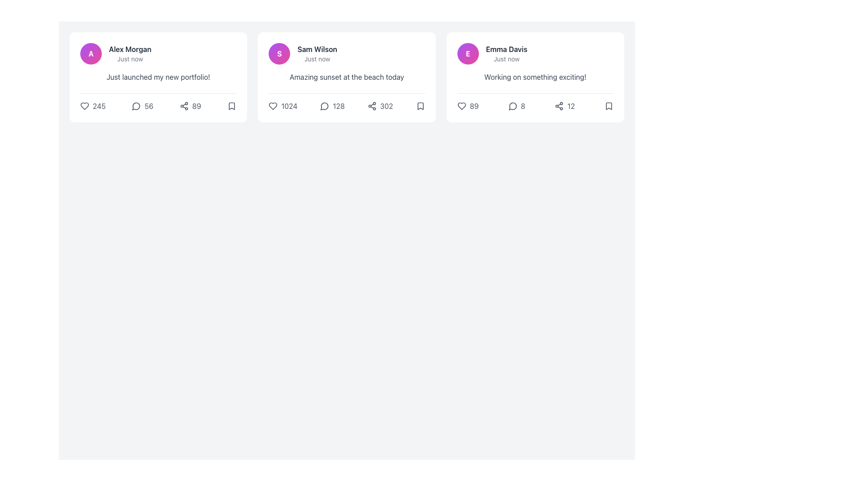 The height and width of the screenshot is (484, 861). Describe the element at coordinates (324, 106) in the screenshot. I see `the speech bubble icon representing comments` at that location.